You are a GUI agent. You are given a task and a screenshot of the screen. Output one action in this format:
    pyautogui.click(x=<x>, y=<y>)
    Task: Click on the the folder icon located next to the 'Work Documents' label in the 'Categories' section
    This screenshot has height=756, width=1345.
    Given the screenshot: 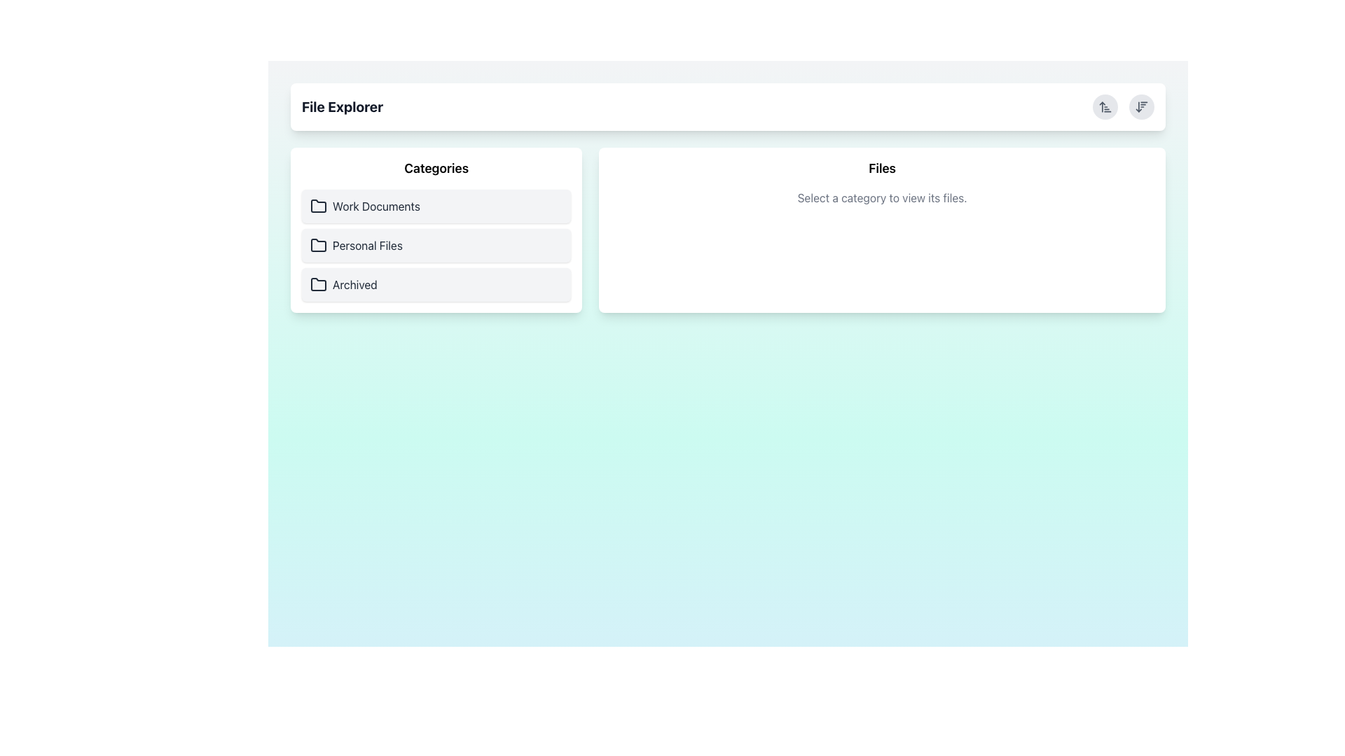 What is the action you would take?
    pyautogui.click(x=318, y=206)
    